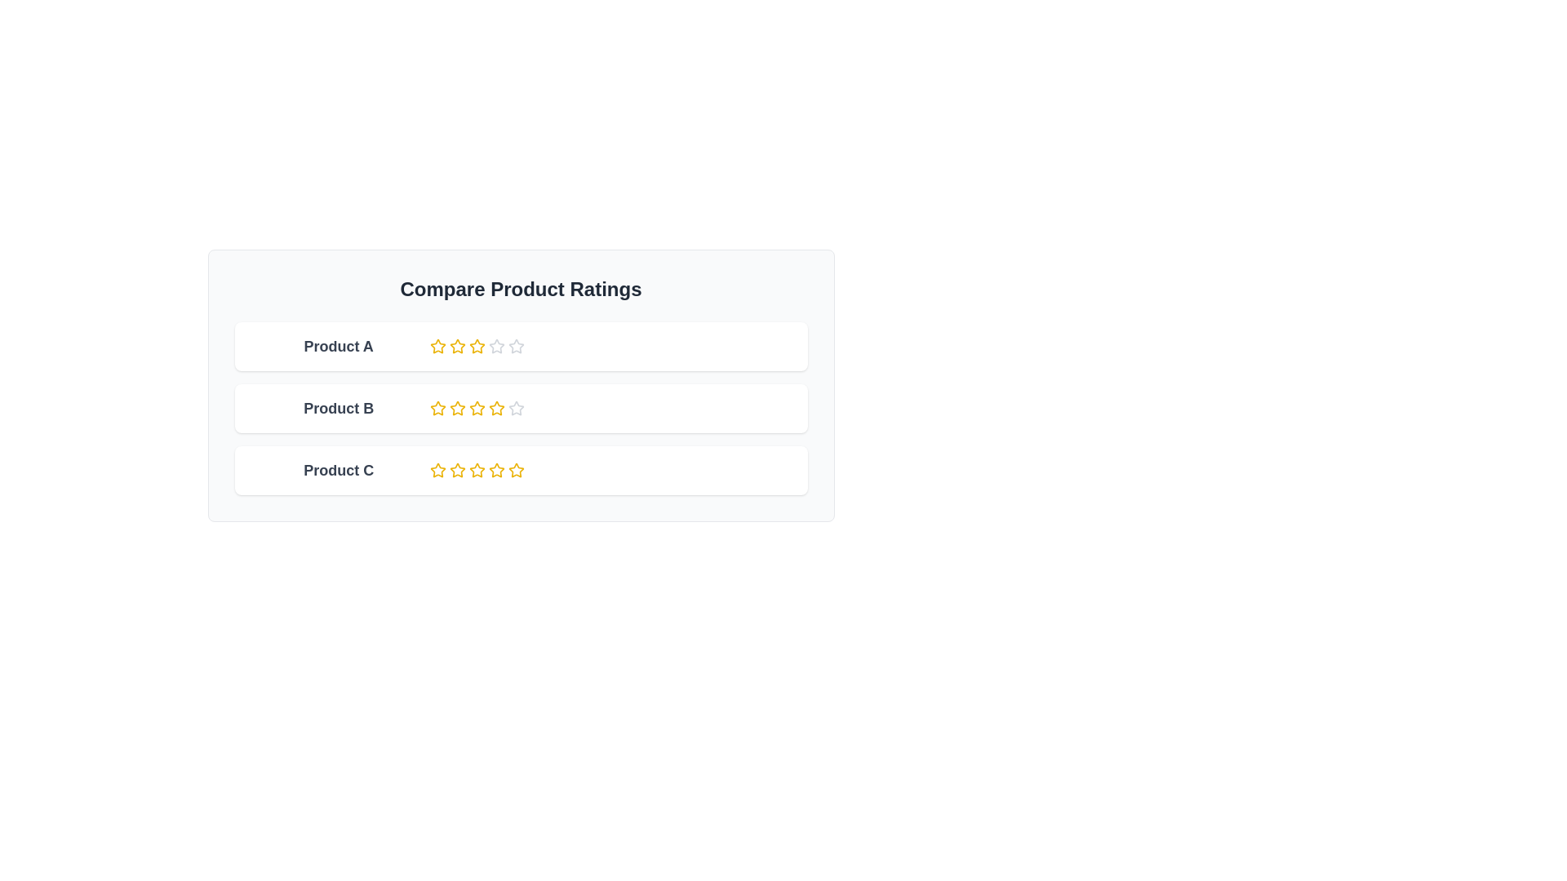 The image size is (1567, 881). What do you see at coordinates (520, 345) in the screenshot?
I see `the stars in the rating component for 'Product A' to possibly change the rating` at bounding box center [520, 345].